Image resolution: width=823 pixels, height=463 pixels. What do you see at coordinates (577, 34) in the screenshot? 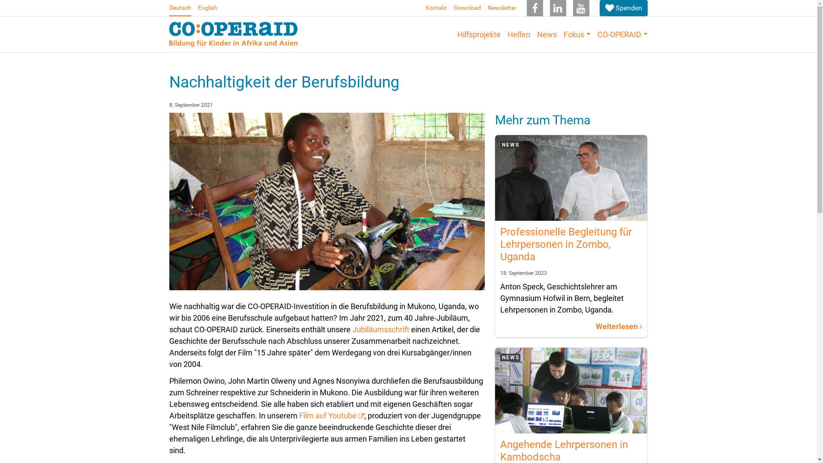
I see `'Fokus'` at bounding box center [577, 34].